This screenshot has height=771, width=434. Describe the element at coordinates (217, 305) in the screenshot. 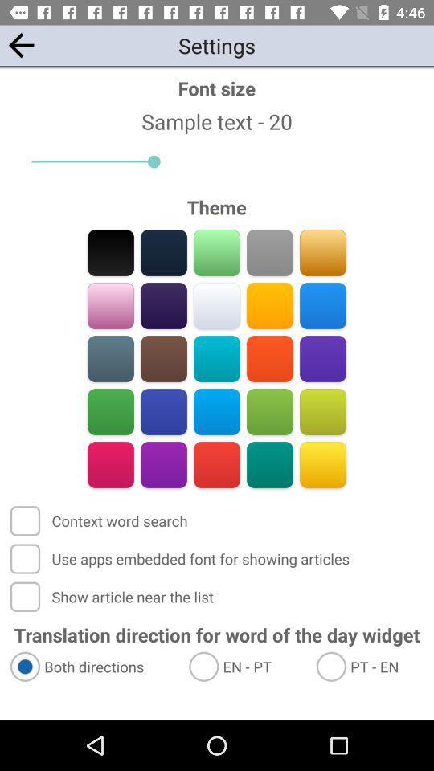

I see `white color` at that location.